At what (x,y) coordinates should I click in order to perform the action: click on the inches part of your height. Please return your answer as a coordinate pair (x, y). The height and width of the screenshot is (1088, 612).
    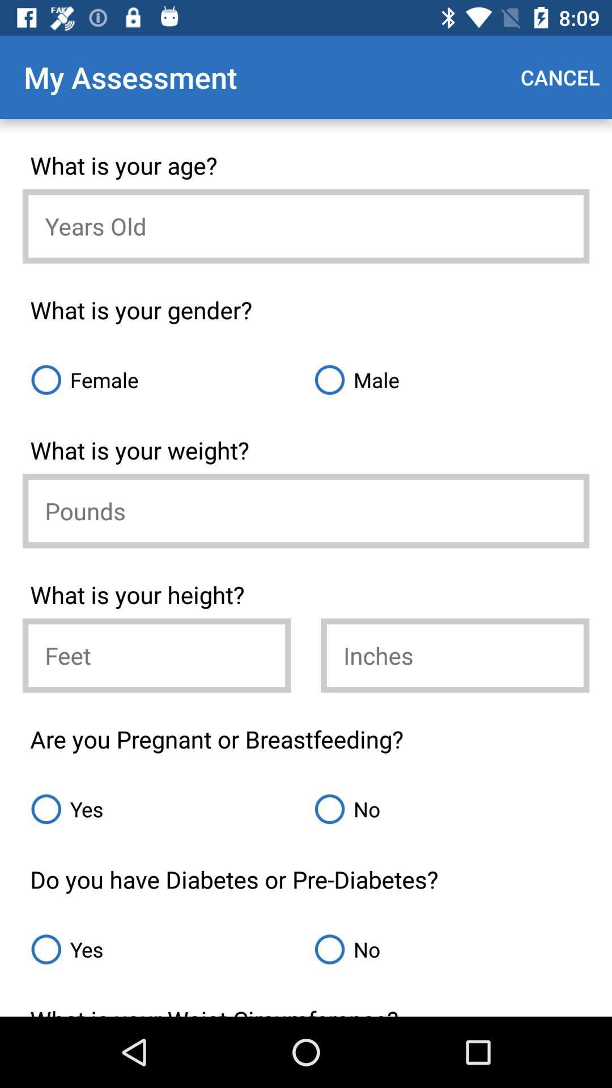
    Looking at the image, I should click on (454, 655).